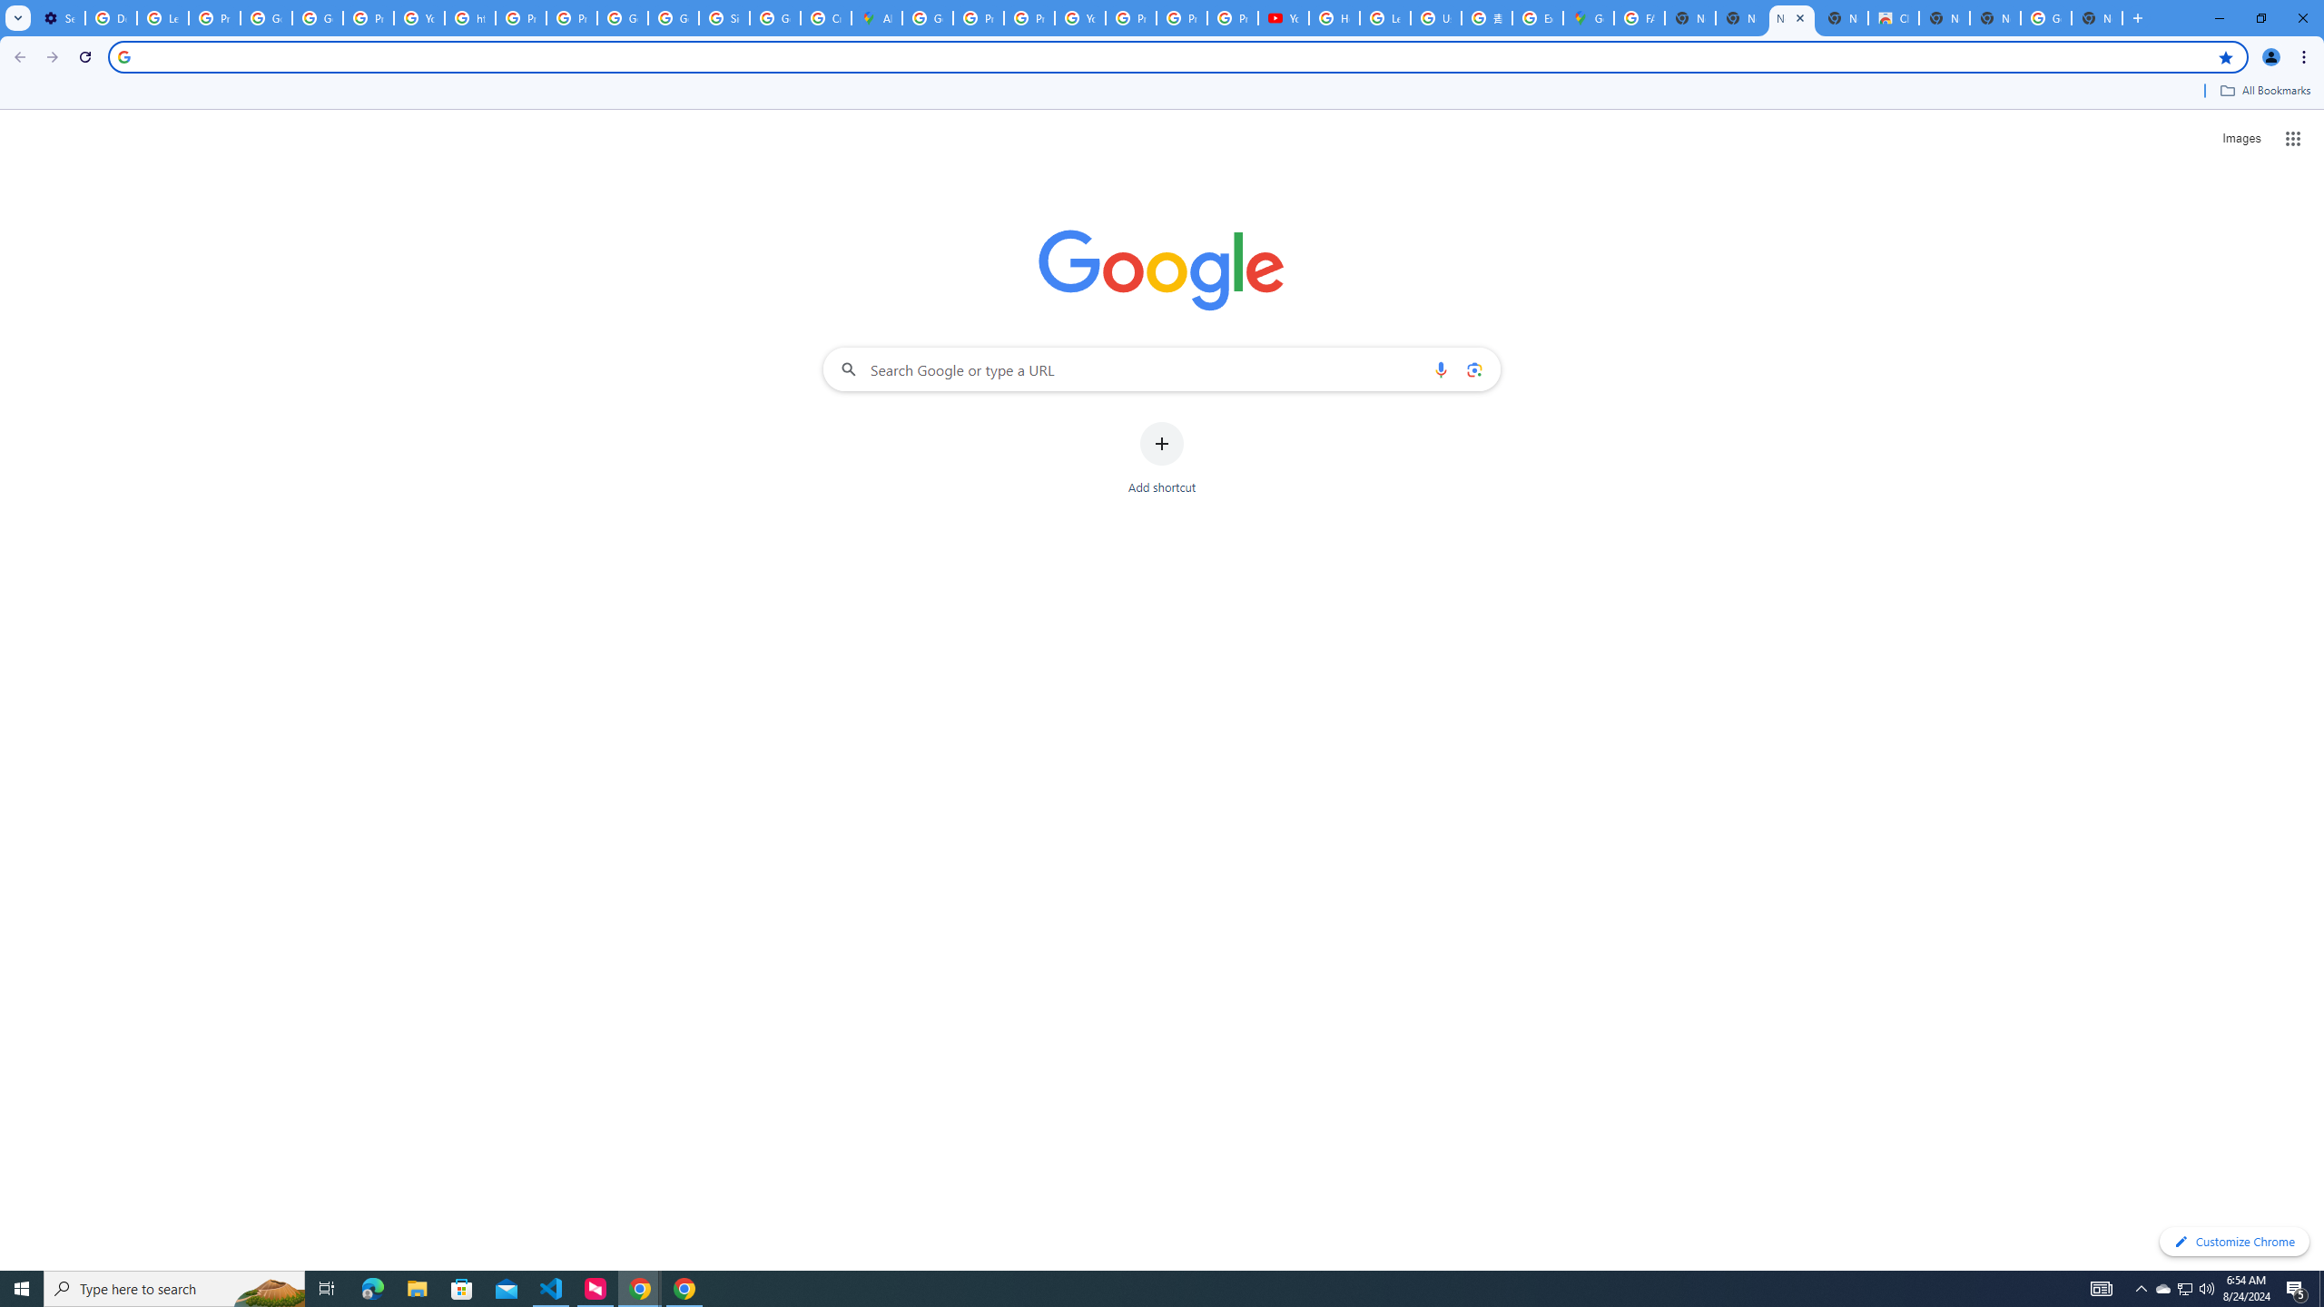  What do you see at coordinates (110, 17) in the screenshot?
I see `'Delete photos & videos - Computer - Google Photos Help'` at bounding box center [110, 17].